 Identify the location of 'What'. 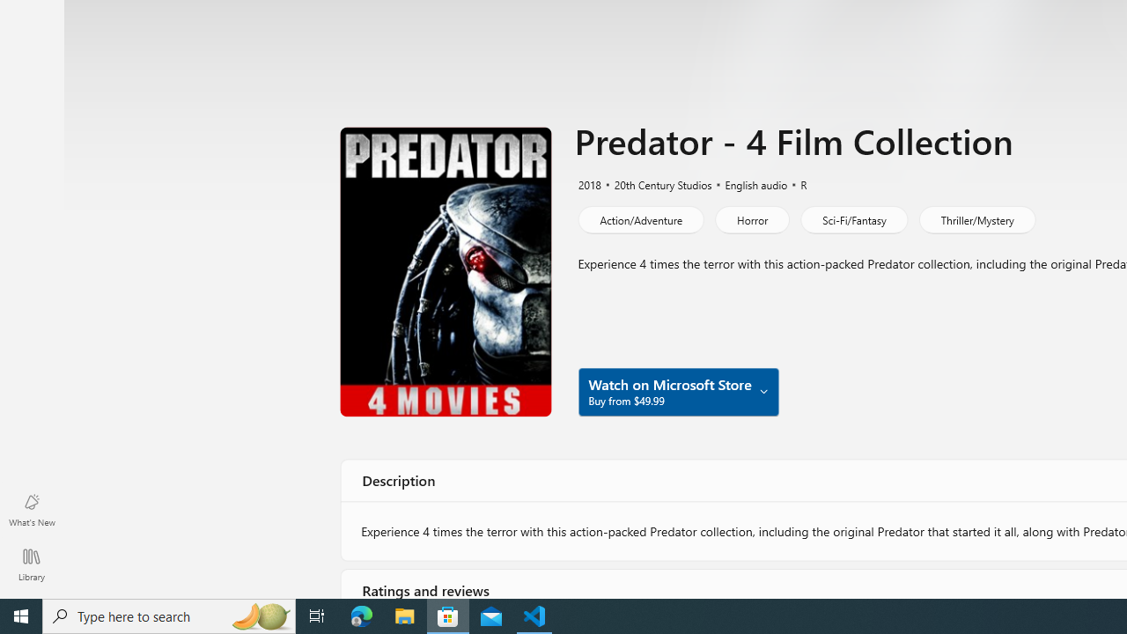
(31, 509).